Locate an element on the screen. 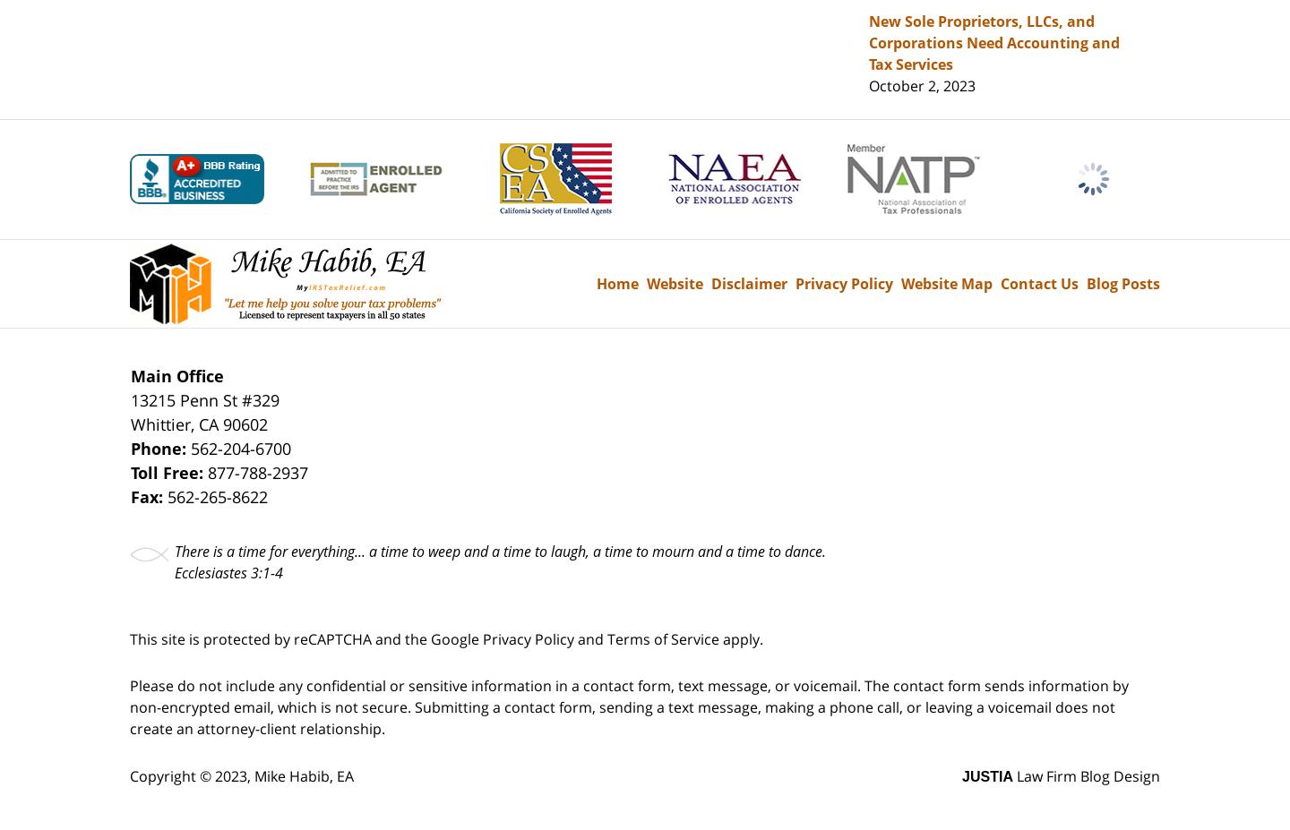 The width and height of the screenshot is (1290, 830). 'Please do not include any confidential or sensitive information in a contact form, text message, or voicemail. The contact form sends information by non-encrypted email, which is not secure. Submitting a contact form, sending a text message, making a phone call, or leaving a voicemail does not create an attorney-client relationship.' is located at coordinates (629, 706).